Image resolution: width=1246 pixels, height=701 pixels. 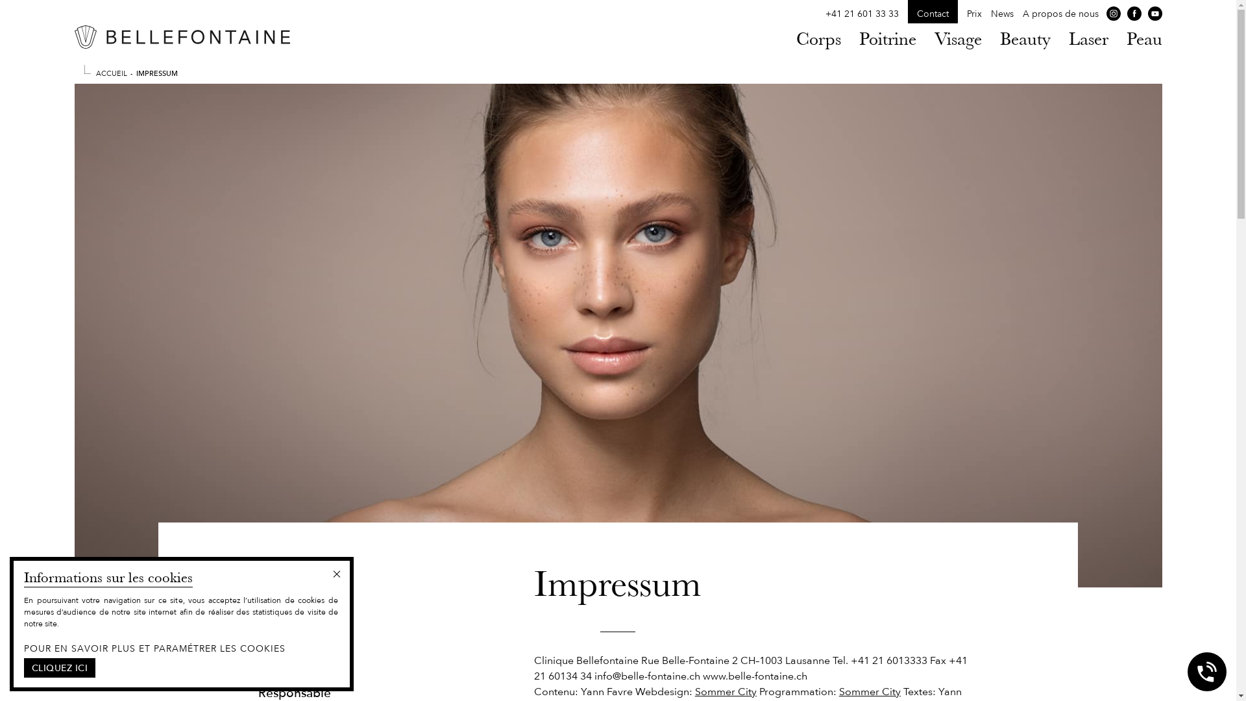 I want to click on 'Contact', so click(x=931, y=14).